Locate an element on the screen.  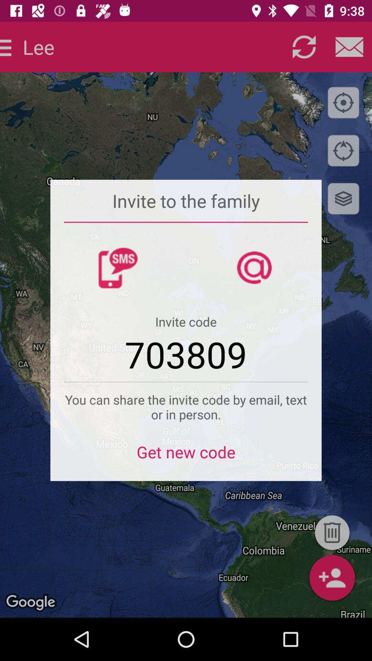
open messages is located at coordinates (349, 46).